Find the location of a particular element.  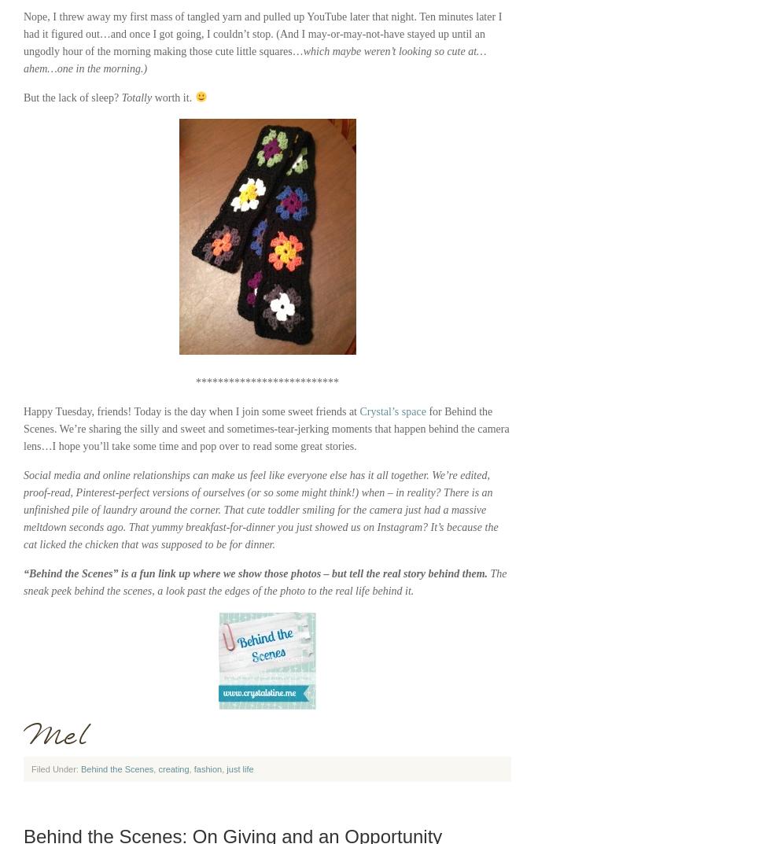

'fashion' is located at coordinates (208, 768).